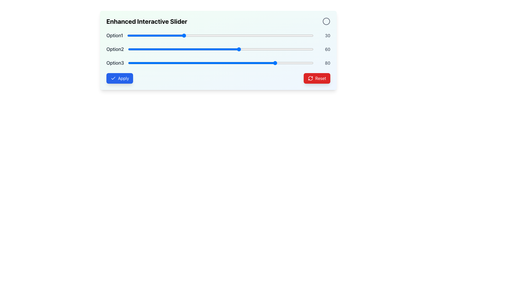 Image resolution: width=507 pixels, height=285 pixels. I want to click on the thumb control of the Range slider located in the second row of options labeled 'Option2', so click(220, 49).